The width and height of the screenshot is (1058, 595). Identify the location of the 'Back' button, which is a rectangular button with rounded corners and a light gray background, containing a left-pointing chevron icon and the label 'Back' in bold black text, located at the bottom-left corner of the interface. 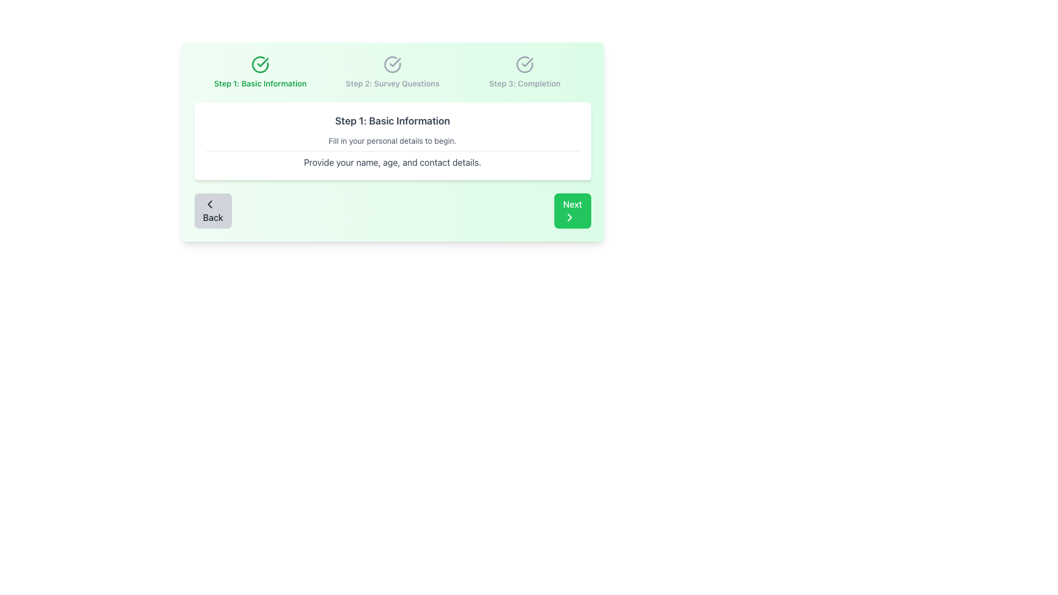
(213, 210).